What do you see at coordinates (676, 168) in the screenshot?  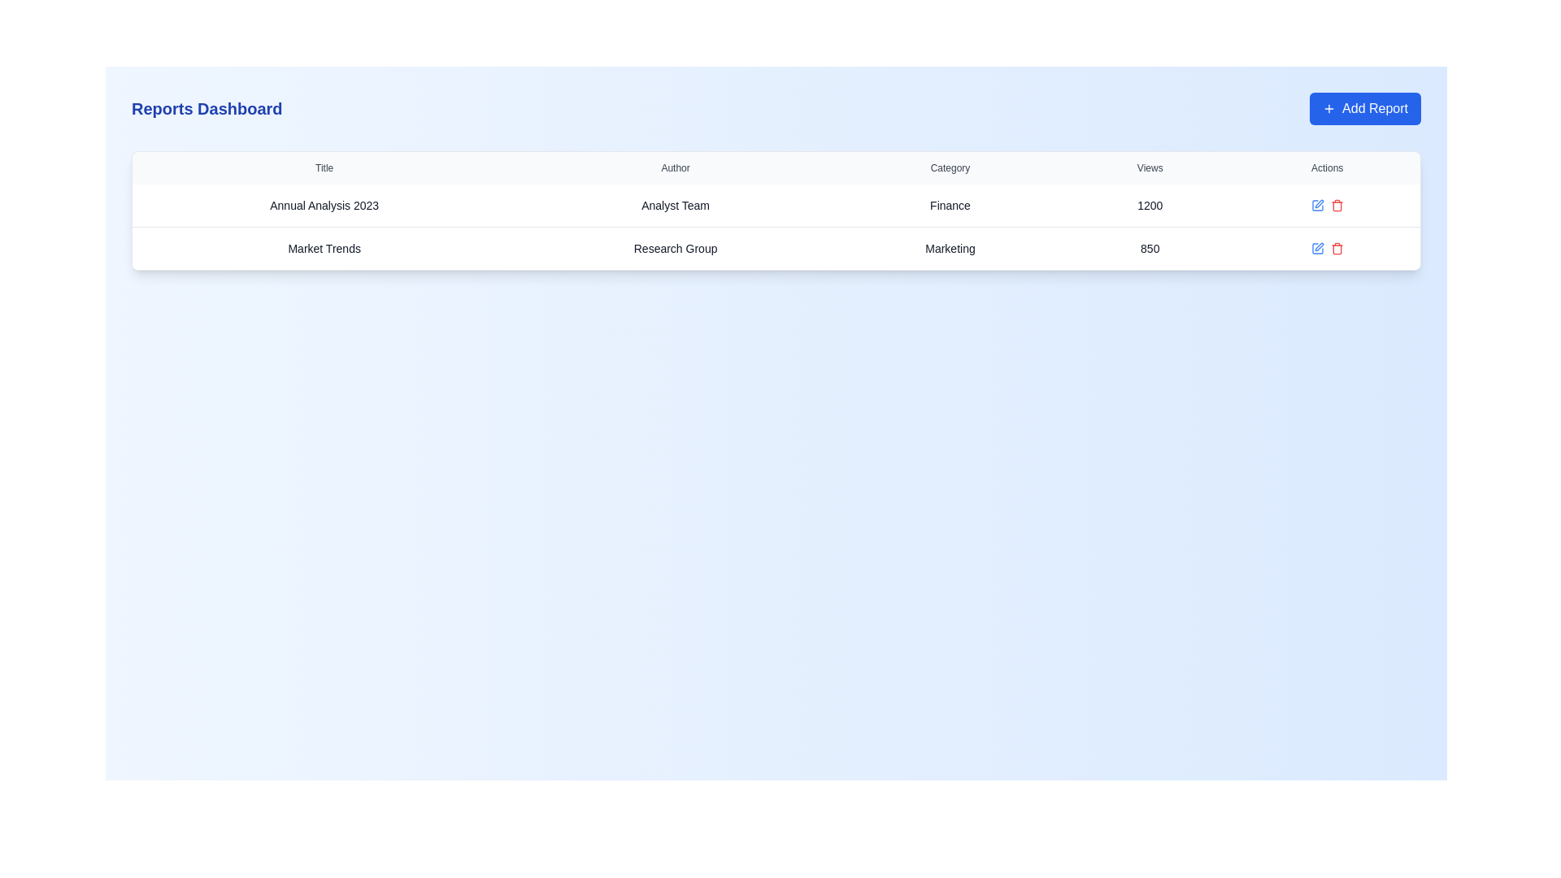 I see `the 'Author' column header in the grid-like table structure, which displays the text in a small-sized gray font within a bordered white cell` at bounding box center [676, 168].